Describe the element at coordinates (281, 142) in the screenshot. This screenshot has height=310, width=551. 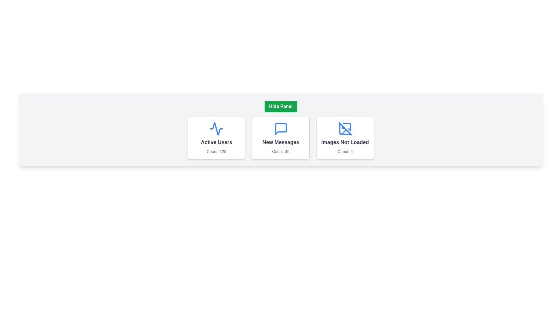
I see `the 'New Messages' text label located in the central card of the three-card layout, positioned below the blue message bubble icon and above the text 'Count: 45'` at that location.